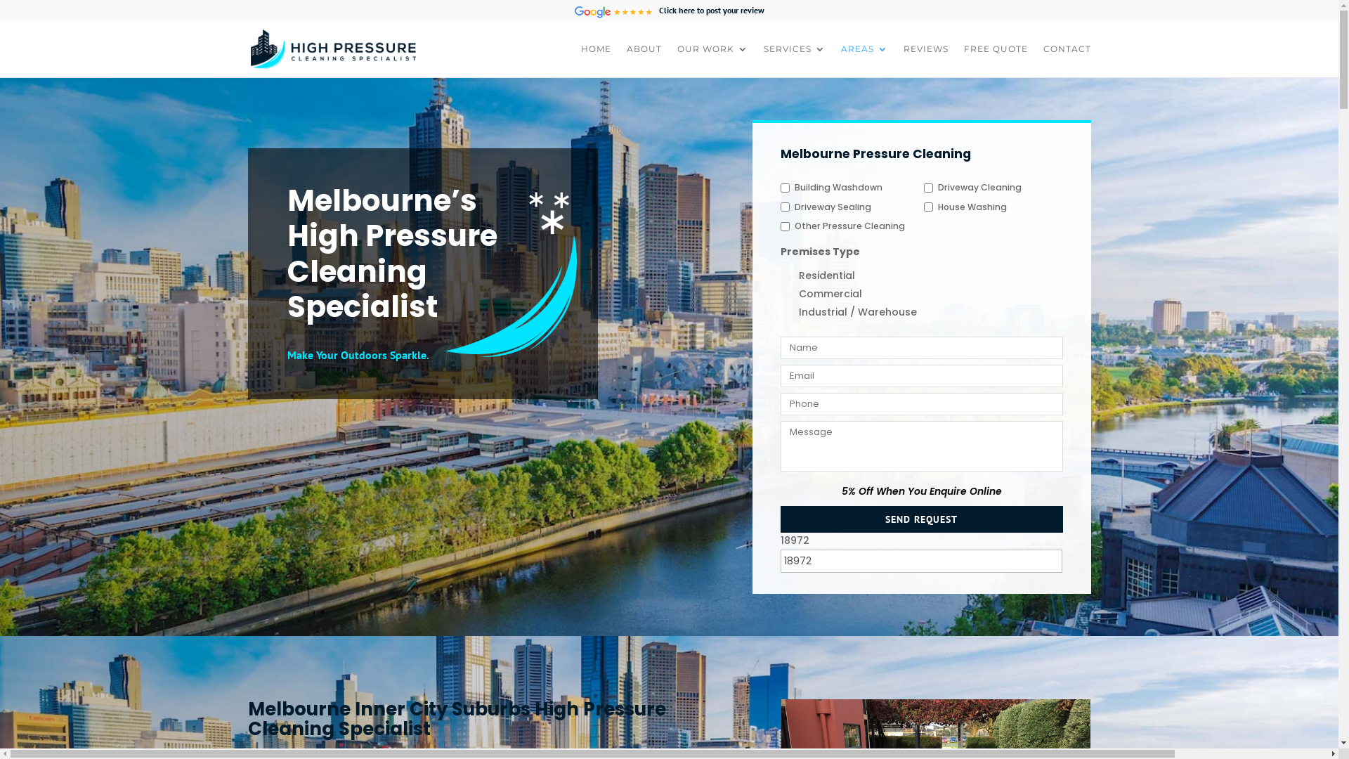  Describe the element at coordinates (963, 60) in the screenshot. I see `'FREE QUOTE'` at that location.